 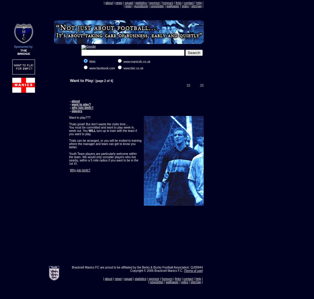 I want to click on 'squad', so click(x=128, y=3).